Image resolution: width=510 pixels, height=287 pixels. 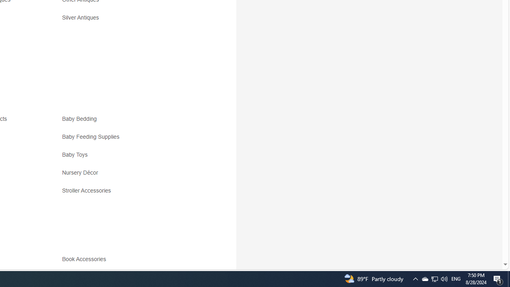 What do you see at coordinates (132, 262) in the screenshot?
I see `'Book Accessories'` at bounding box center [132, 262].